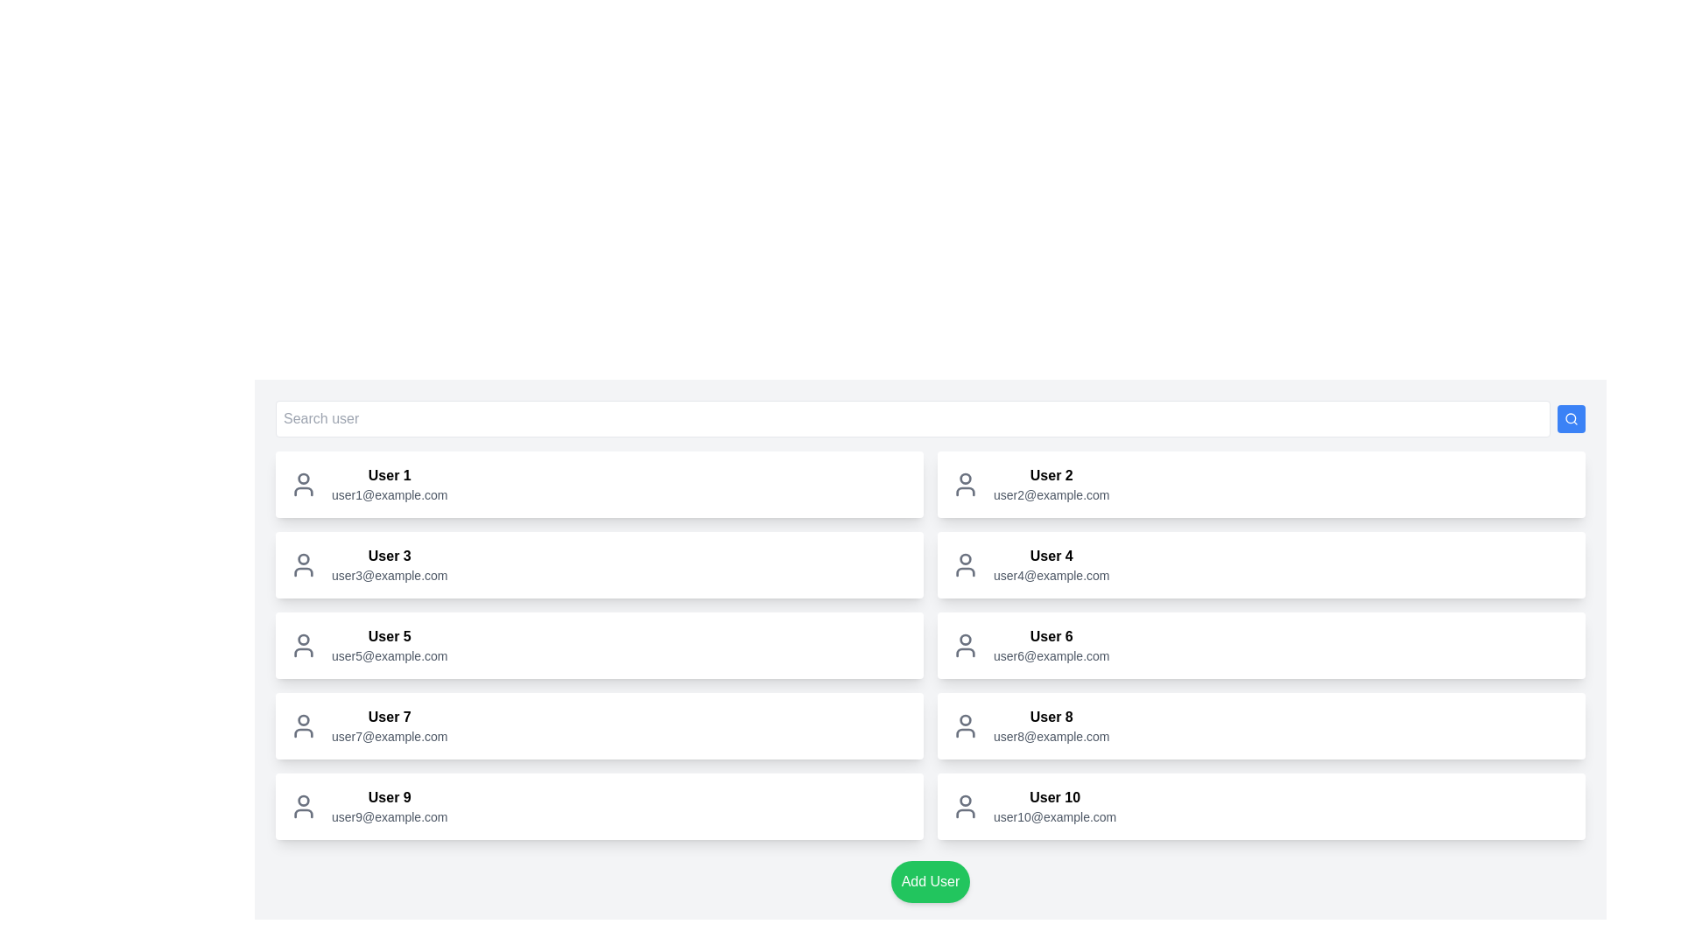 This screenshot has height=945, width=1681. Describe the element at coordinates (303, 572) in the screenshot. I see `the lower half of the user icon, which is a gray rounded silhouette to the left of the text 'User 3'` at that location.